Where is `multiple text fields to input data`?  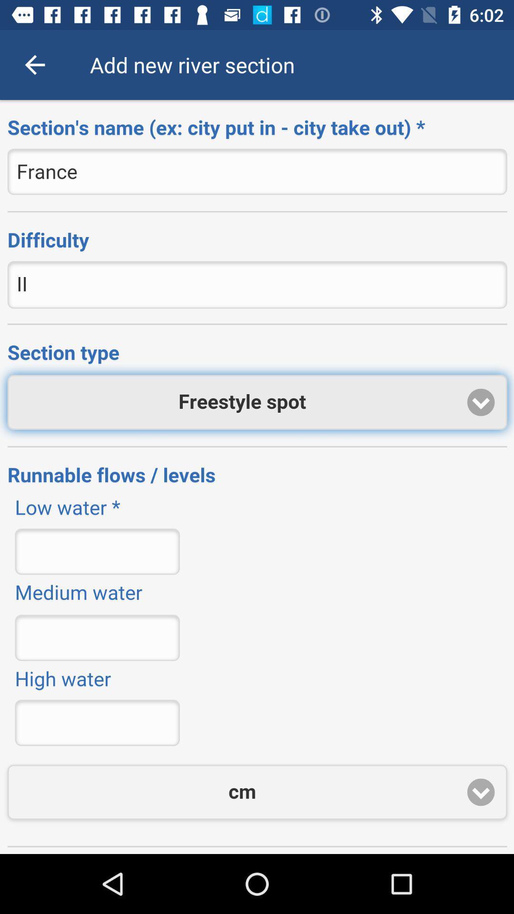
multiple text fields to input data is located at coordinates (257, 477).